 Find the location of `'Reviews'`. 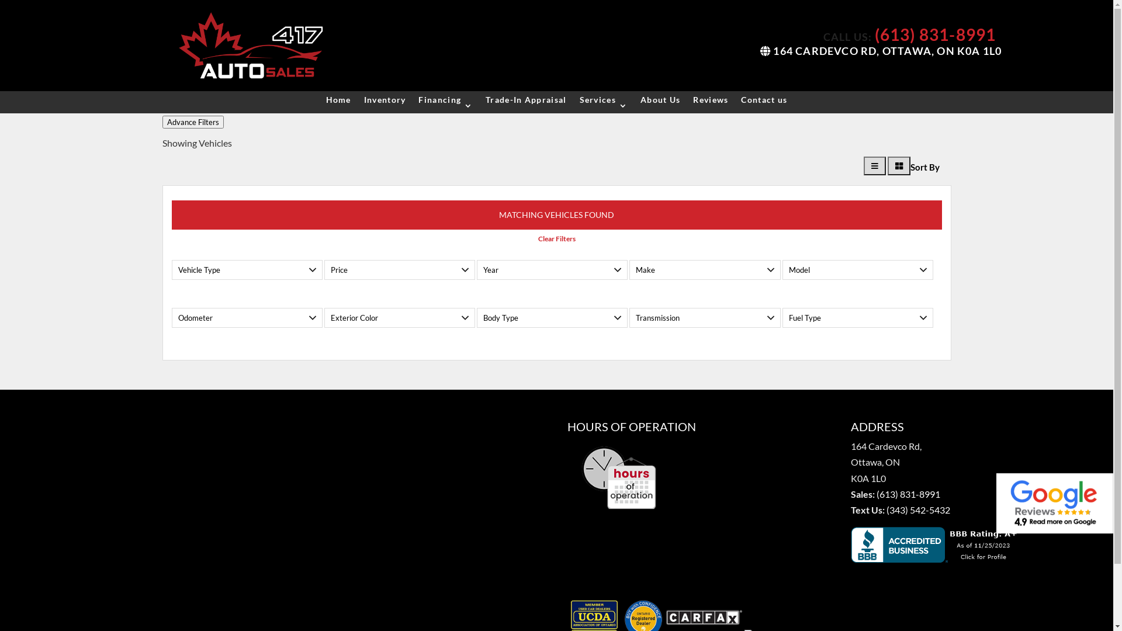

'Reviews' is located at coordinates (709, 101).